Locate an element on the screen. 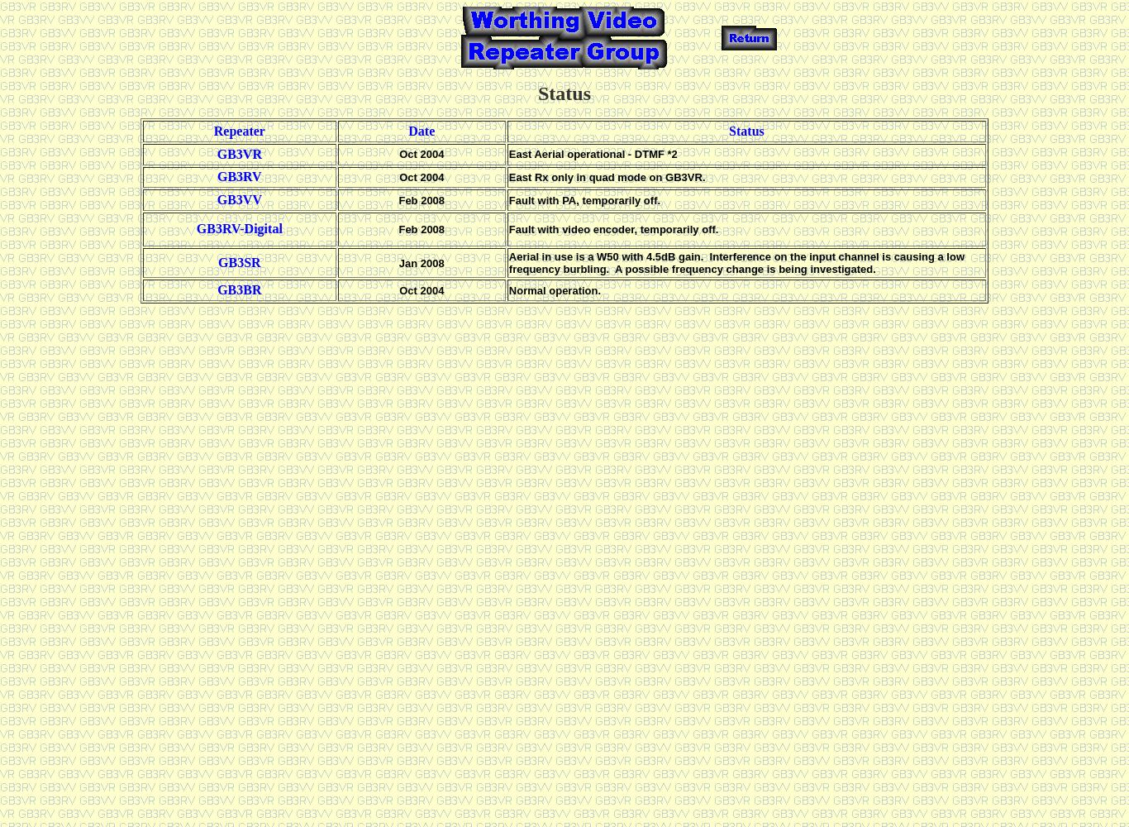  'Feb
  2008' is located at coordinates (422, 198).